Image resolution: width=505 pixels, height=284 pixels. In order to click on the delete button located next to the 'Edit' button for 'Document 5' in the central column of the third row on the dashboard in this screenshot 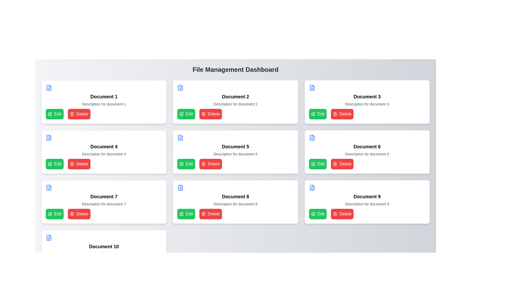, I will do `click(211, 164)`.